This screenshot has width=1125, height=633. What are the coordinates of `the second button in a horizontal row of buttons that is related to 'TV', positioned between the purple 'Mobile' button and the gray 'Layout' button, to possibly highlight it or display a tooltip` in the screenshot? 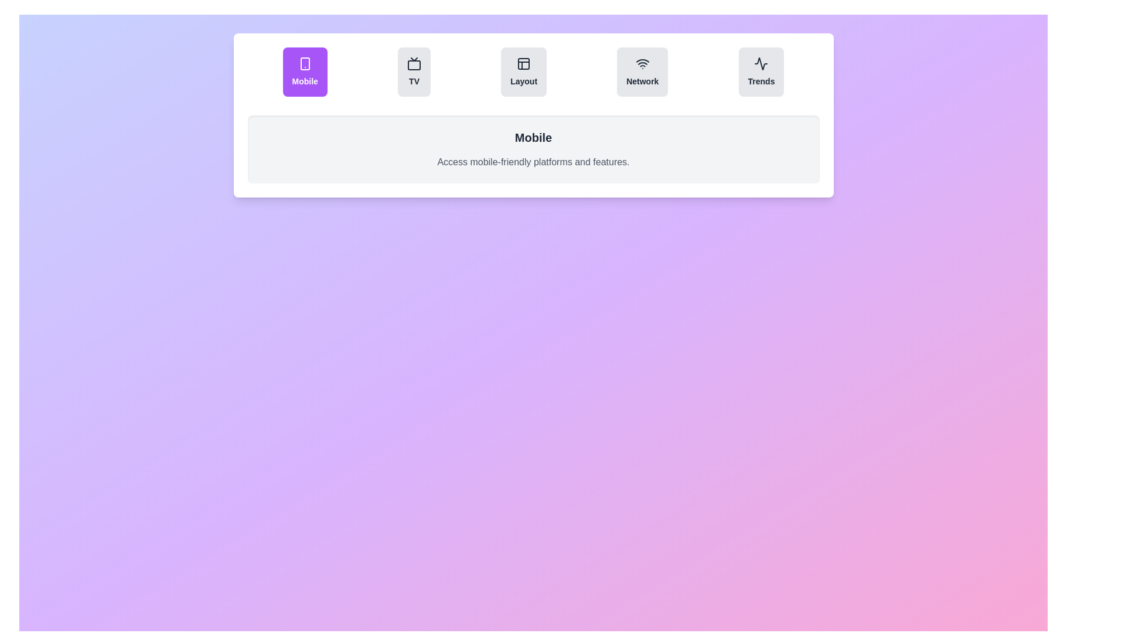 It's located at (414, 72).